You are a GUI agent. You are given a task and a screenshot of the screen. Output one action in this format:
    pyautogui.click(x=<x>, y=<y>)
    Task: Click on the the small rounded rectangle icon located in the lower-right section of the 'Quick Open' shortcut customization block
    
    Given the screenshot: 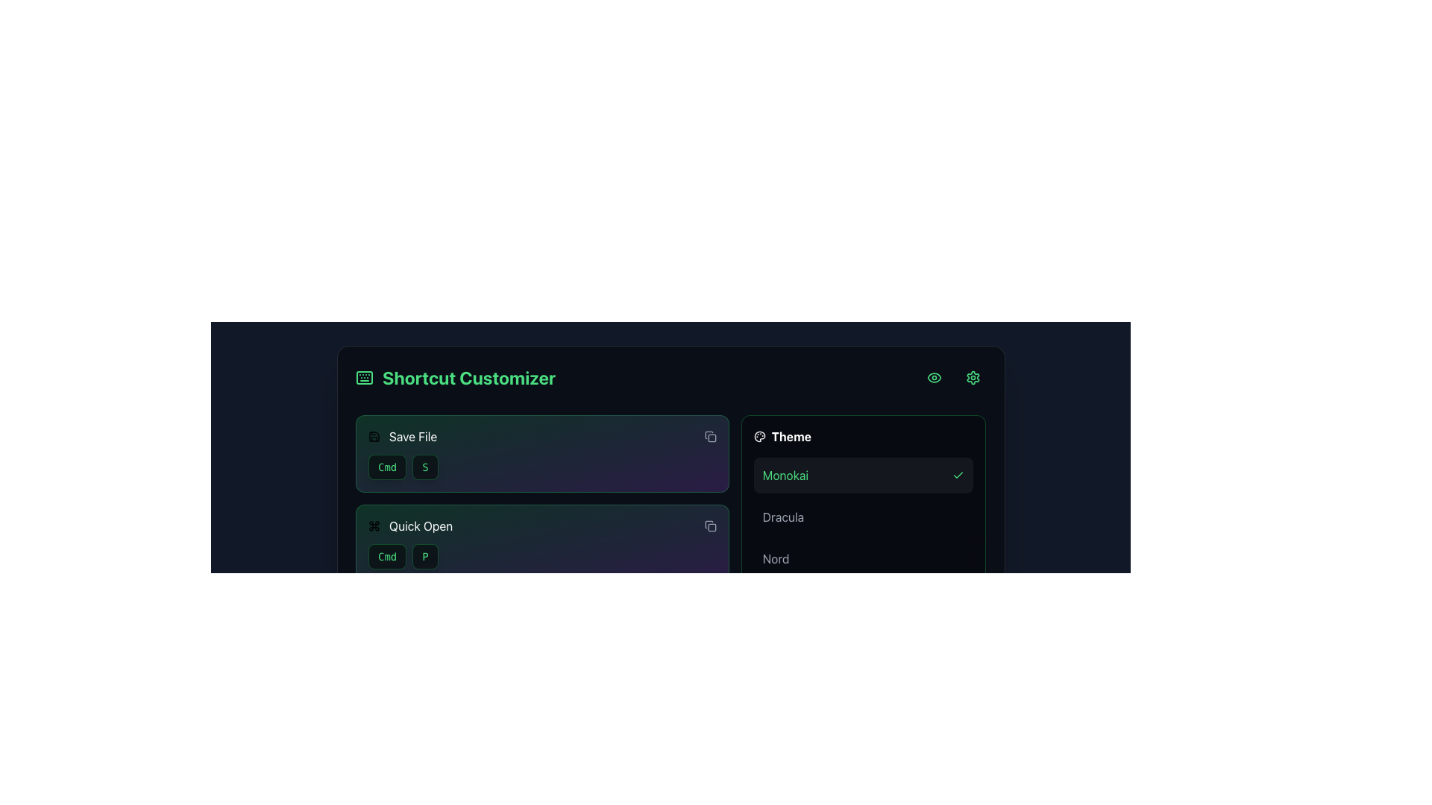 What is the action you would take?
    pyautogui.click(x=711, y=527)
    